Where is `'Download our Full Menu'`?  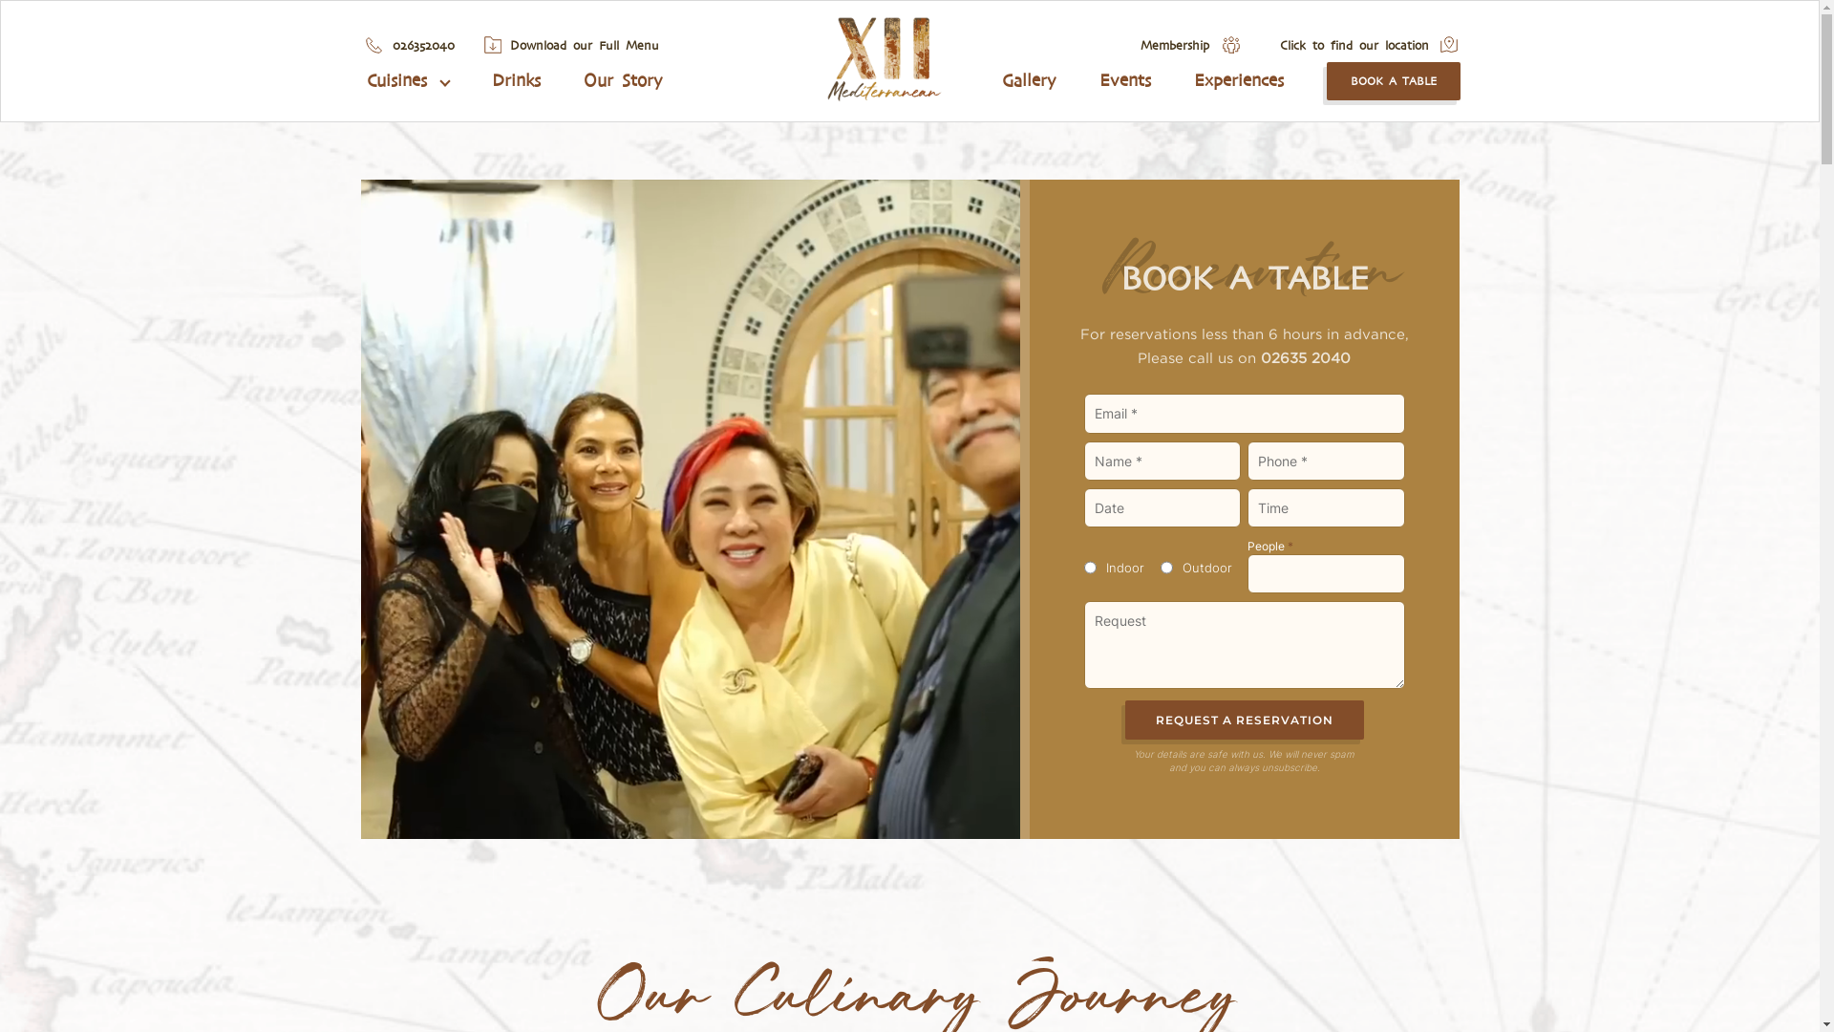 'Download our Full Menu' is located at coordinates (583, 44).